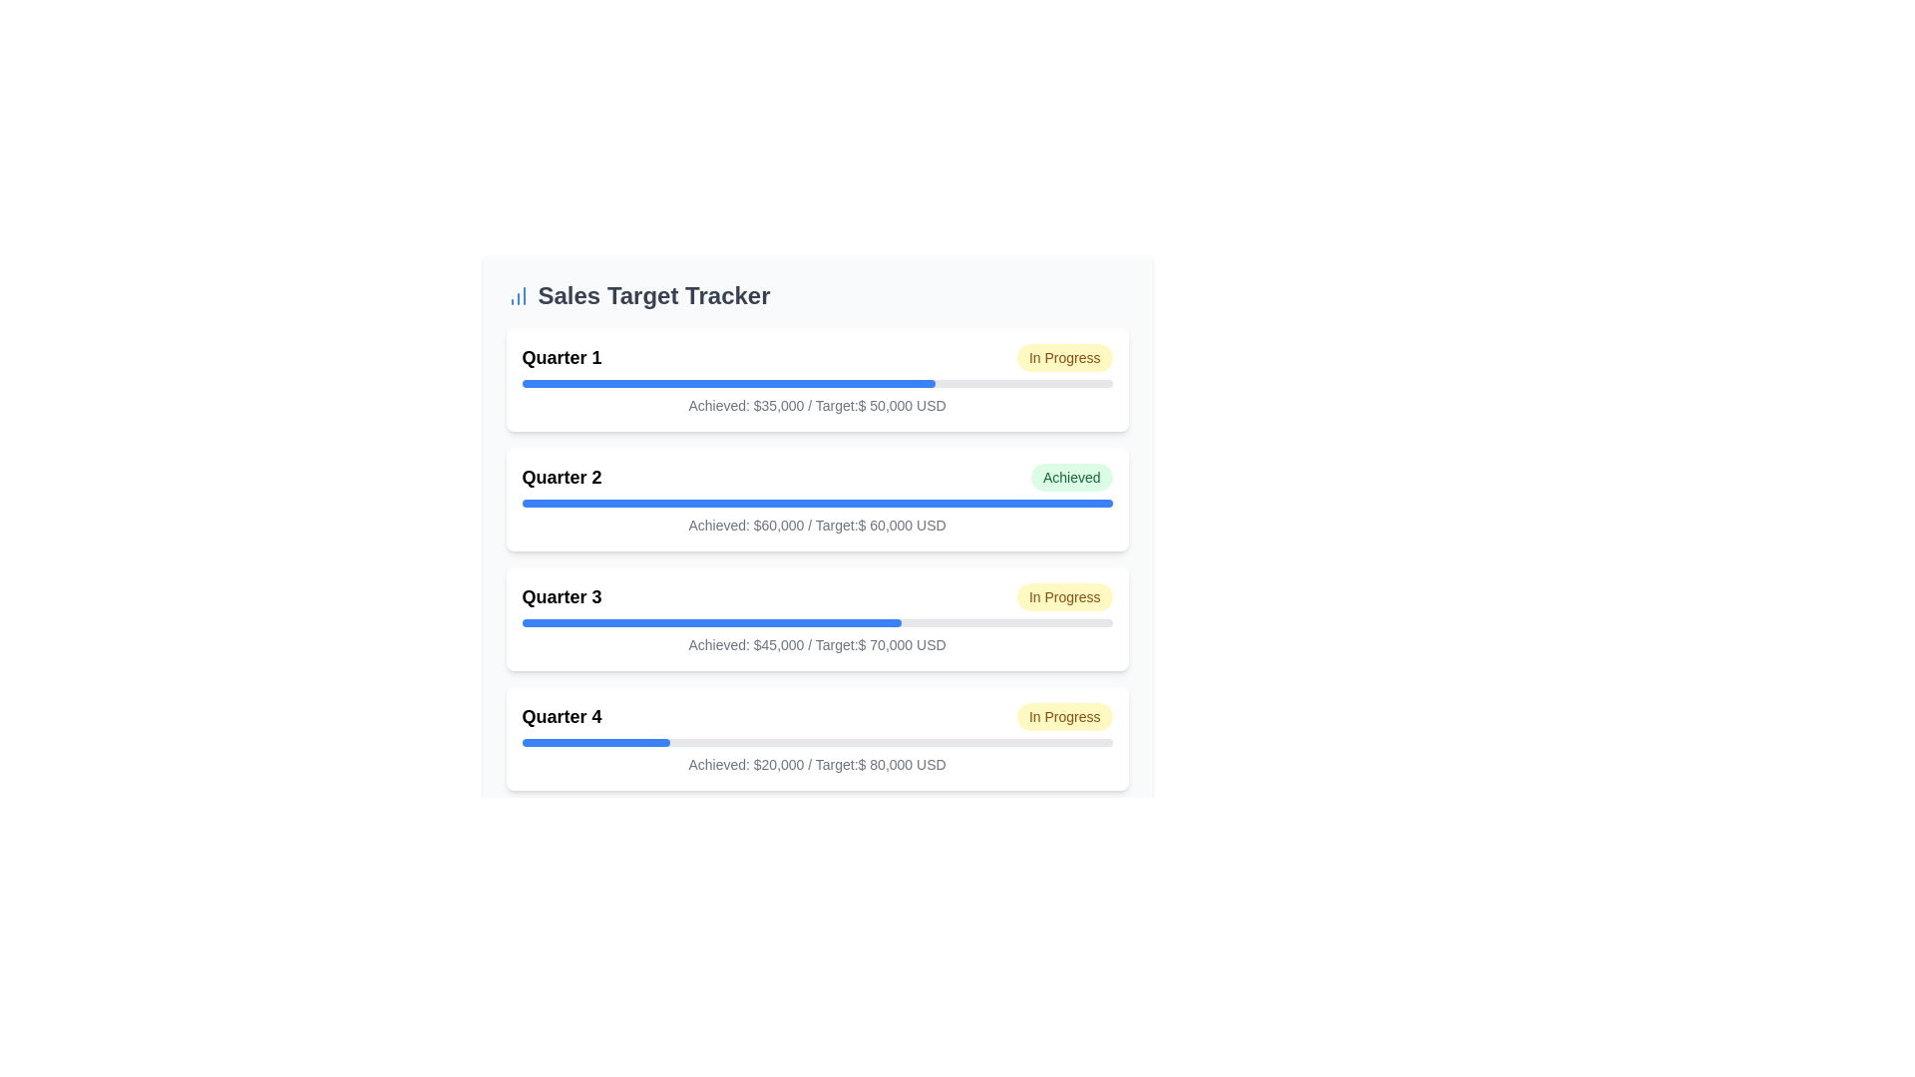 The image size is (1915, 1077). I want to click on the first card in the 'Sales Target Tracker' section that displays the tracking progress for Quarter 1, so click(817, 380).